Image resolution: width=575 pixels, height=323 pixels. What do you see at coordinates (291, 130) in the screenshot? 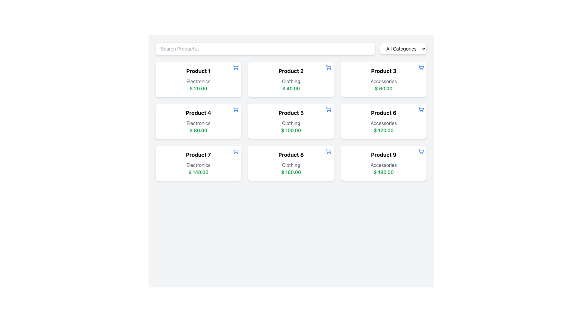
I see `displayed price from the Text display element located within the 'Product 5' card in the second row, second column of the grid, below the category text 'Clothing'` at bounding box center [291, 130].